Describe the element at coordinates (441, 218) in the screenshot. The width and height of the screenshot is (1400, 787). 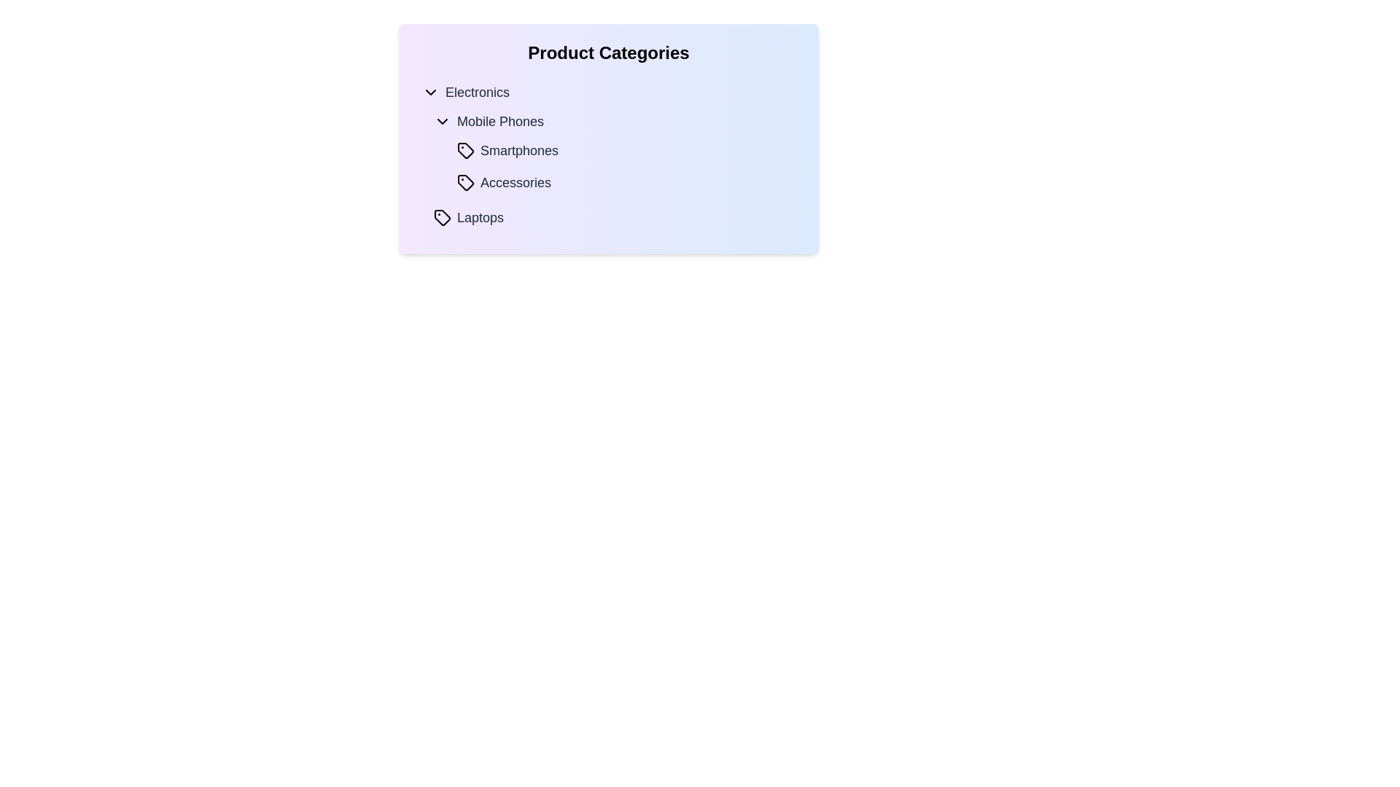
I see `the decorative icon indicating the 'Laptops' entry in the 'Product Categories' sidebar, which is located to the left of the 'Laptops' text` at that location.